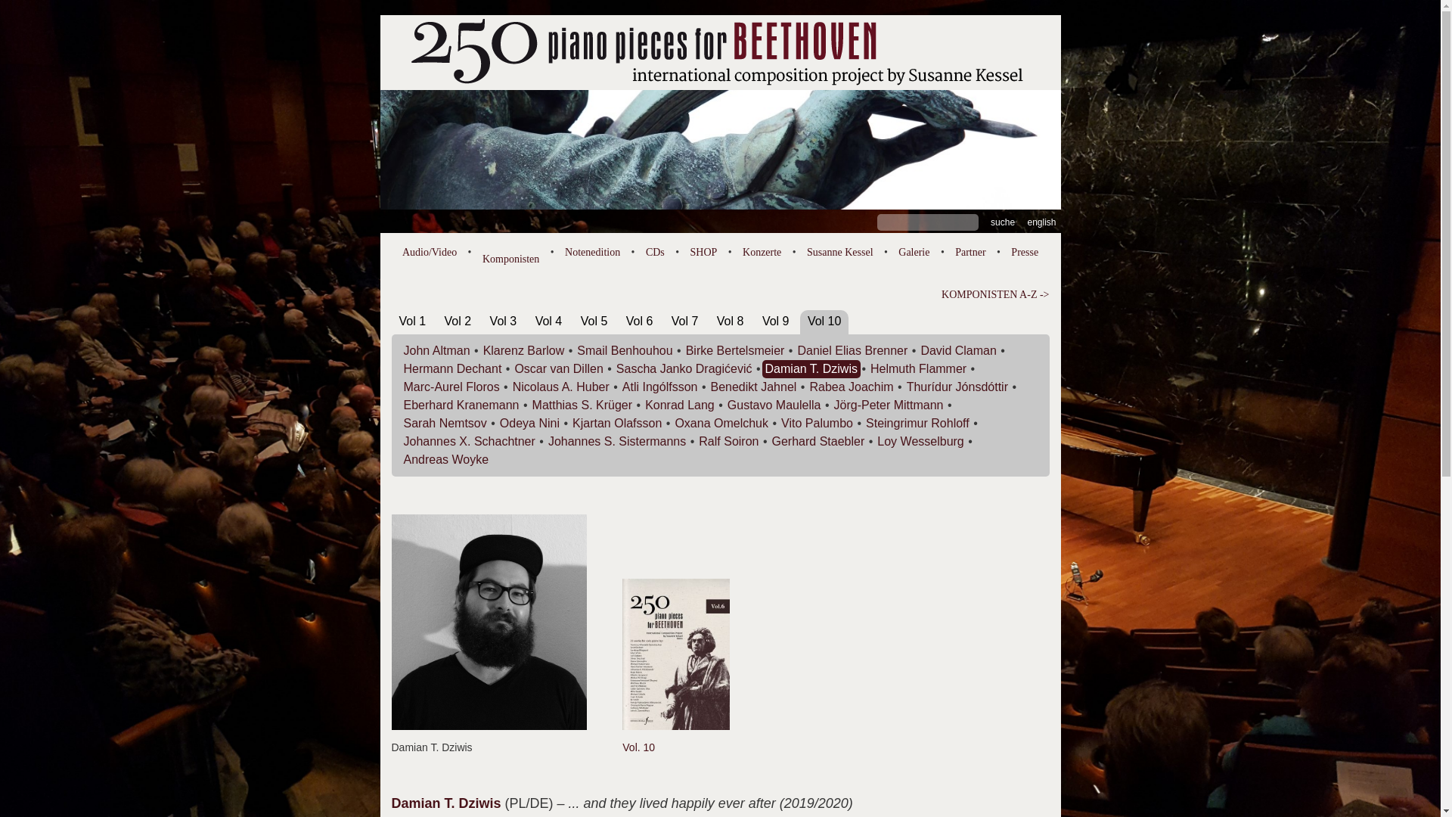 The image size is (1452, 817). What do you see at coordinates (957, 350) in the screenshot?
I see `'David Claman'` at bounding box center [957, 350].